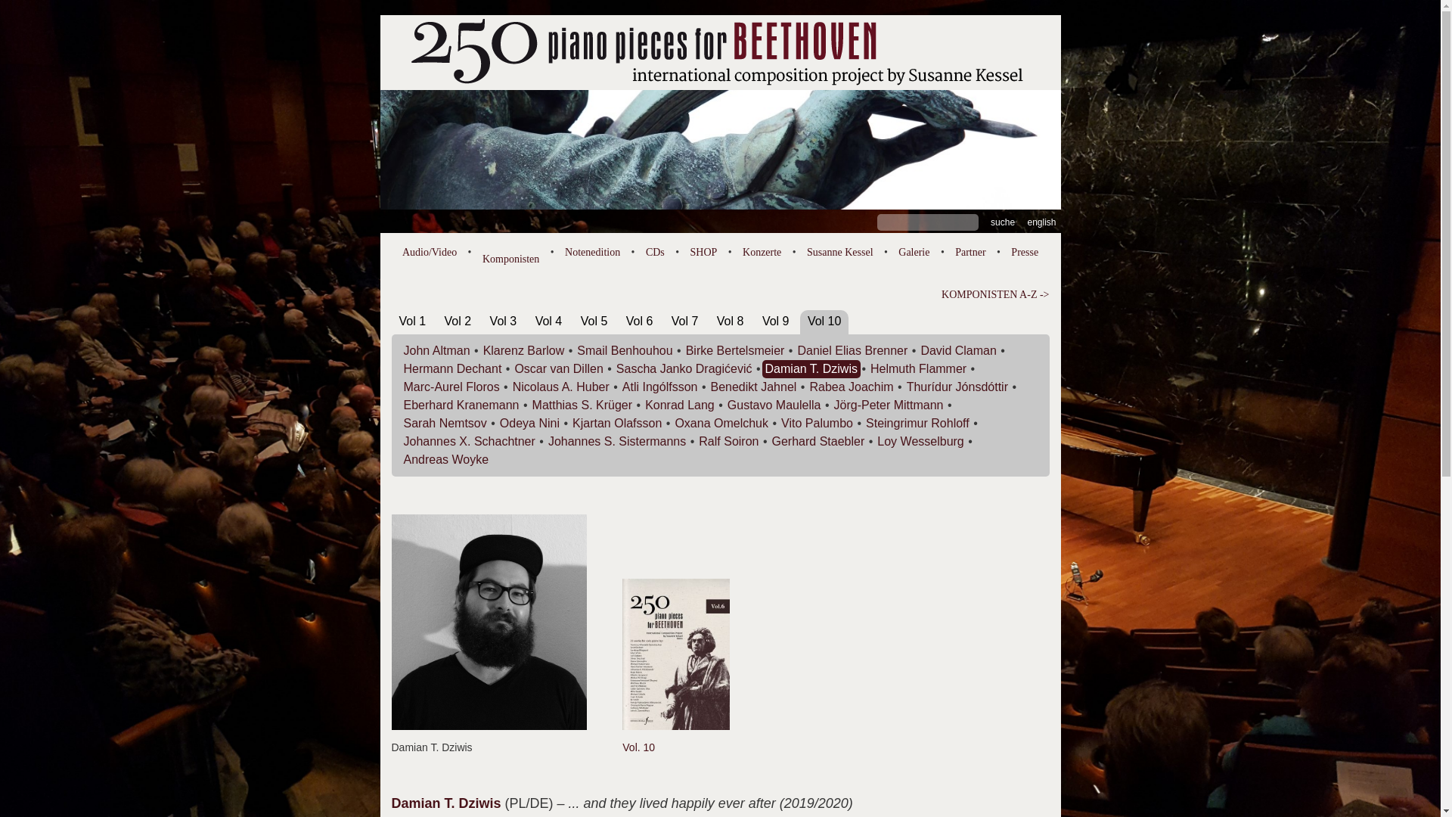 The image size is (1452, 817). What do you see at coordinates (957, 350) in the screenshot?
I see `'David Claman'` at bounding box center [957, 350].